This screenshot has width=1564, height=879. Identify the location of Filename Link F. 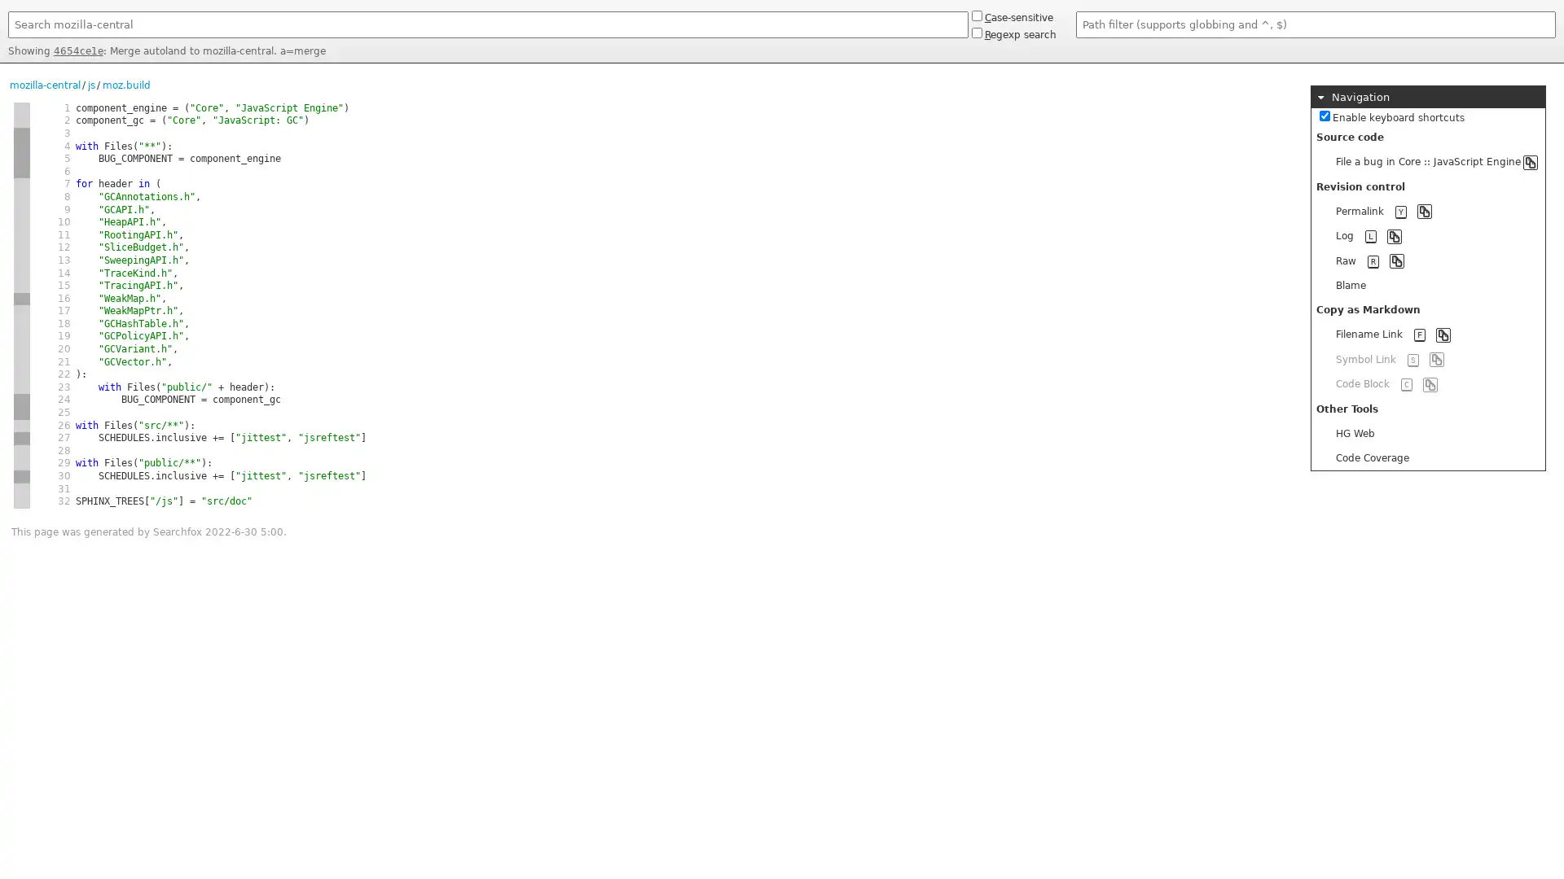
(1427, 334).